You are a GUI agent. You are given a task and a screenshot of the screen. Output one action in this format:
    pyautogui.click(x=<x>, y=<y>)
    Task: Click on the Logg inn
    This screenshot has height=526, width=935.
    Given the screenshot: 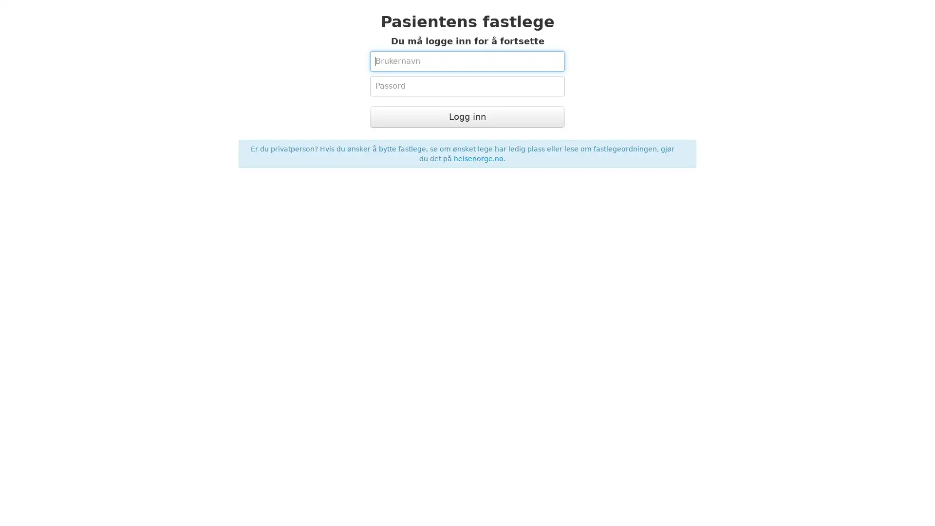 What is the action you would take?
    pyautogui.click(x=467, y=116)
    